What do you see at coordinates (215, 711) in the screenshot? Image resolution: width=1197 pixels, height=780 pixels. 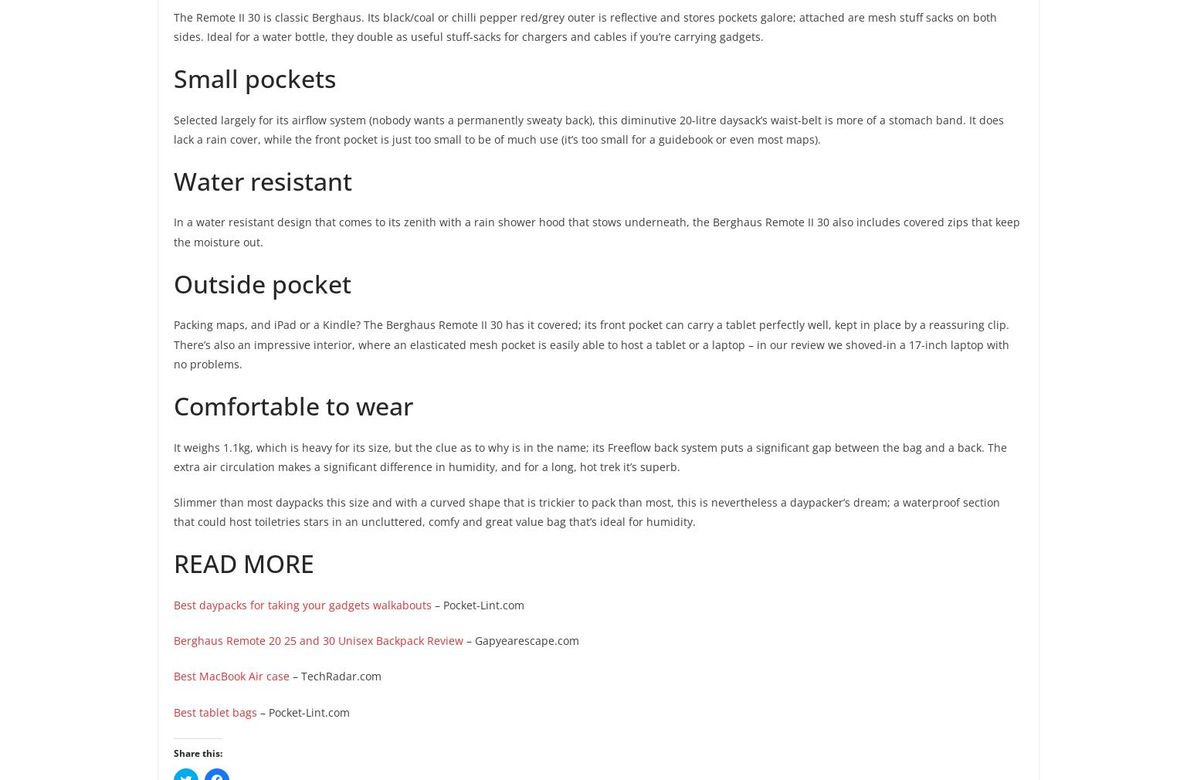 I see `'Best tablet bags'` at bounding box center [215, 711].